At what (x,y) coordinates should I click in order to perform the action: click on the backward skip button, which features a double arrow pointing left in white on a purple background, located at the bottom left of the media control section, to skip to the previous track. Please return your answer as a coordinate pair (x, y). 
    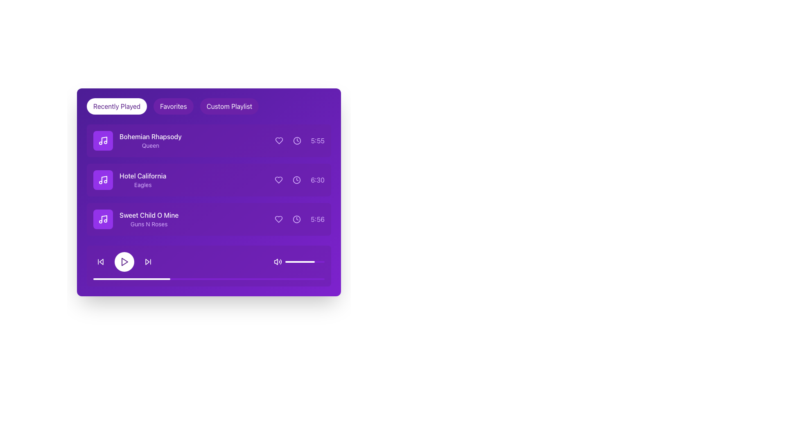
    Looking at the image, I should click on (100, 262).